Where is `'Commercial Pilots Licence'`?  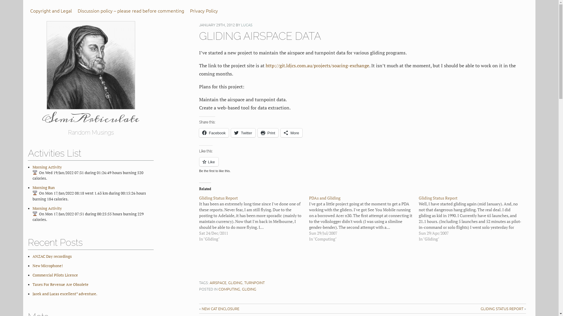
'Commercial Pilots Licence' is located at coordinates (32, 275).